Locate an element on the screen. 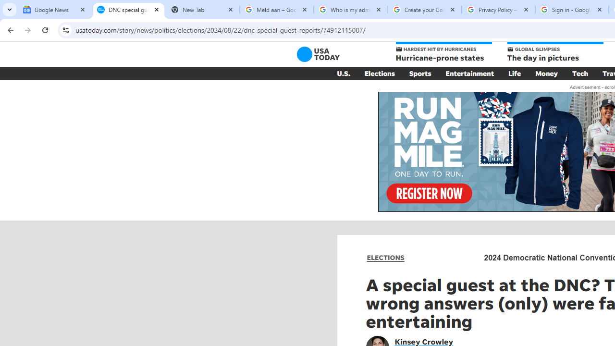  'Sign in - Google Accounts' is located at coordinates (572, 10).